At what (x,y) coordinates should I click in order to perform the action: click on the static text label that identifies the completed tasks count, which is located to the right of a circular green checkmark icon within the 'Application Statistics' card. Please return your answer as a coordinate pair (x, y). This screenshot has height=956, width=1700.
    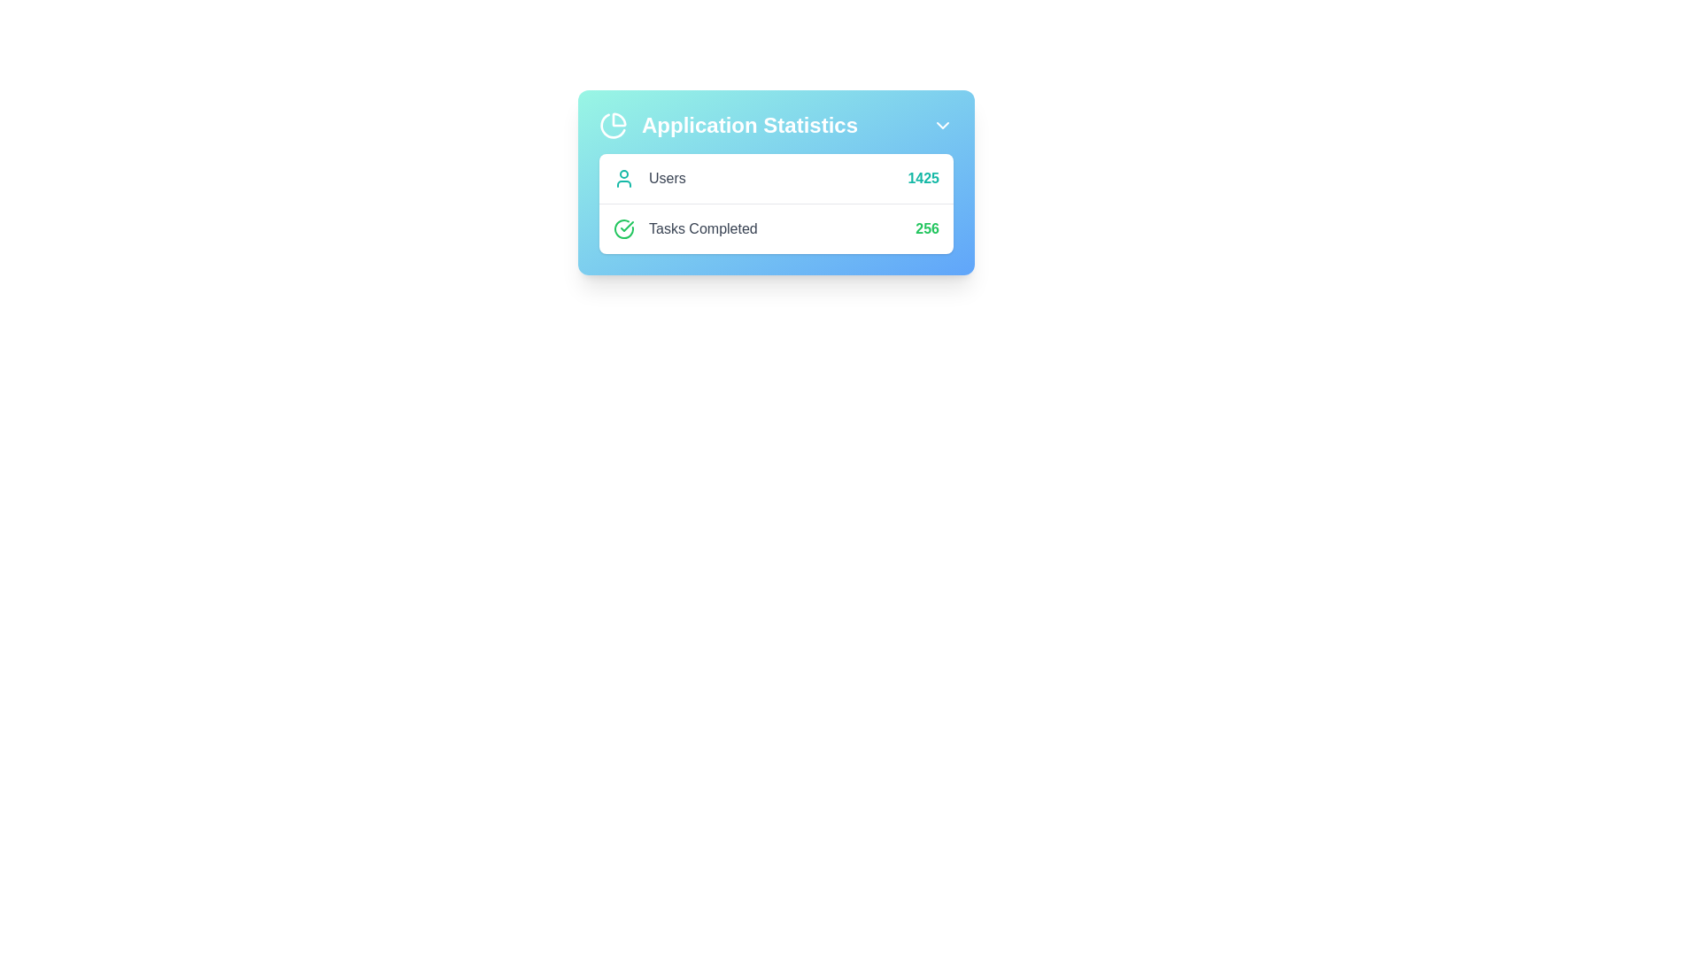
    Looking at the image, I should click on (702, 227).